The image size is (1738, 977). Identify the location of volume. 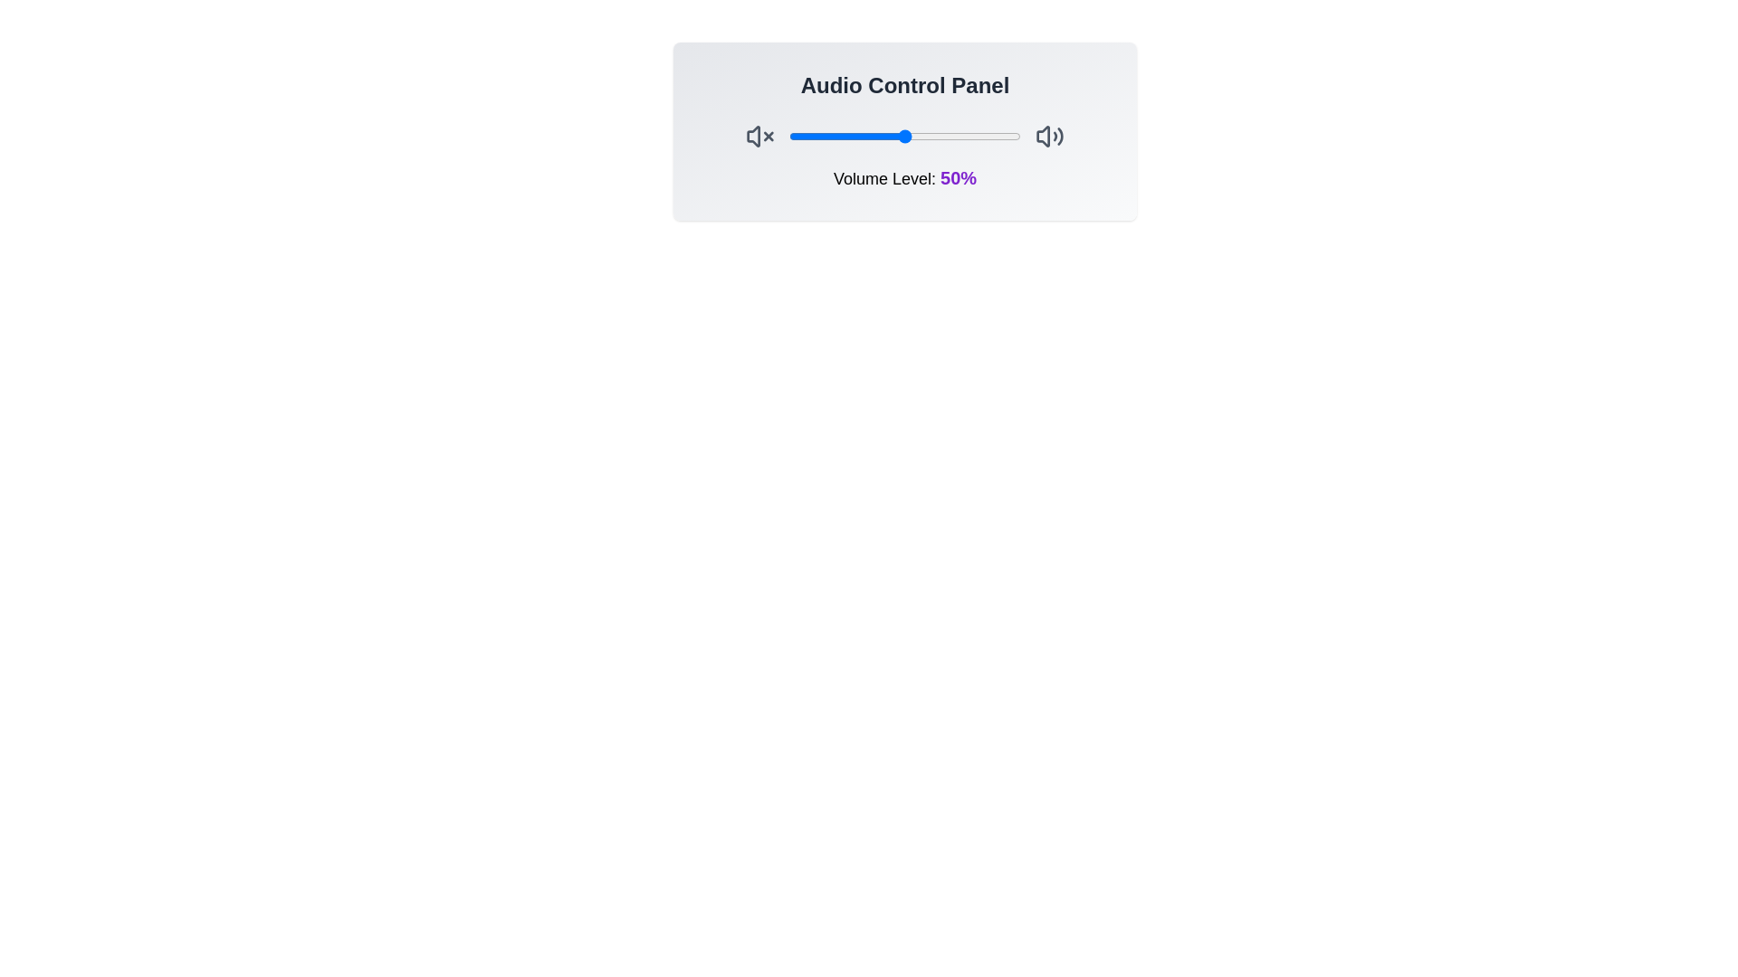
(893, 135).